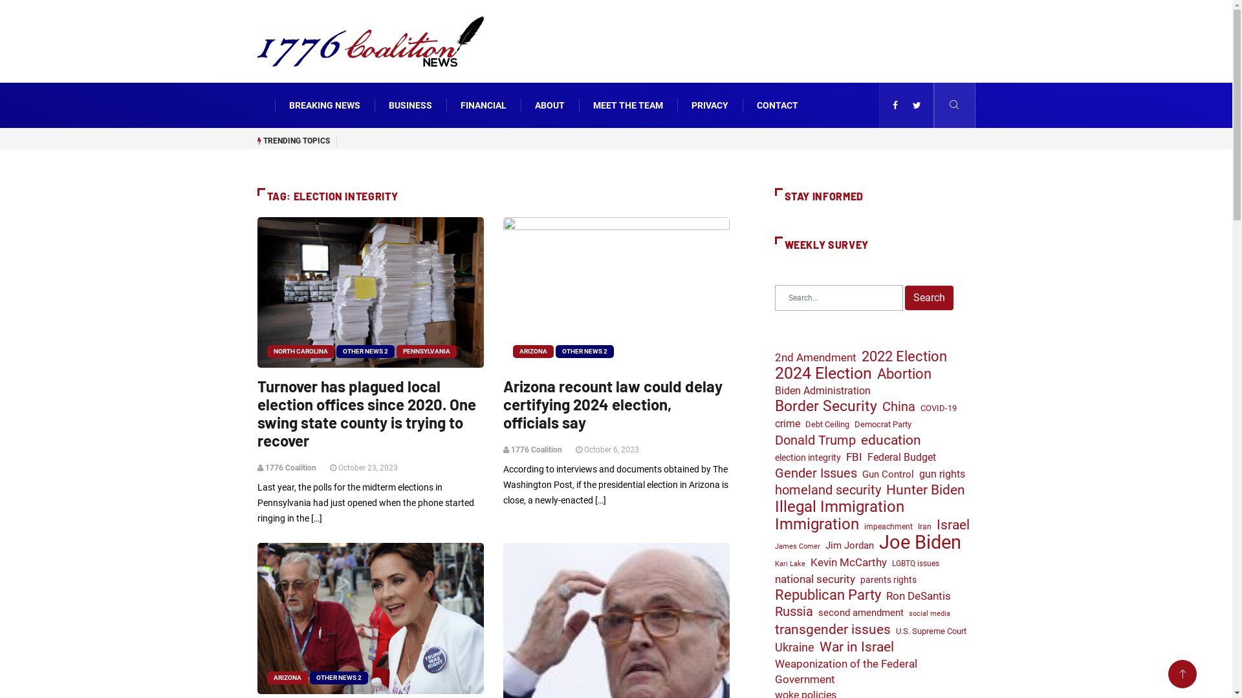 The width and height of the screenshot is (1242, 698). What do you see at coordinates (555, 351) in the screenshot?
I see `'OTHER NEWS 2'` at bounding box center [555, 351].